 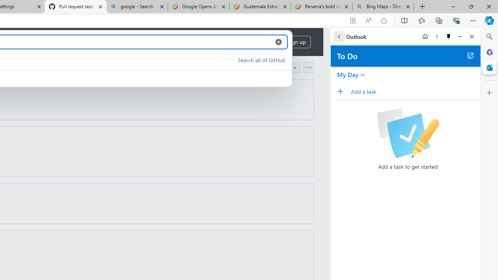 What do you see at coordinates (198, 7) in the screenshot?
I see `'Google Opens AI Academy for Startups - Nearshore Americas'` at bounding box center [198, 7].